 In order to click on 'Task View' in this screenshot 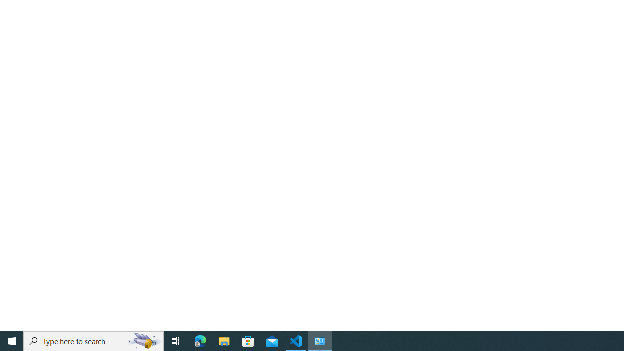, I will do `click(175, 340)`.